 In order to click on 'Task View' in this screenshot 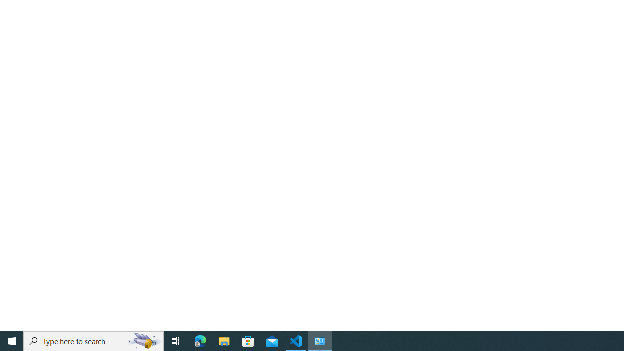, I will do `click(175, 340)`.